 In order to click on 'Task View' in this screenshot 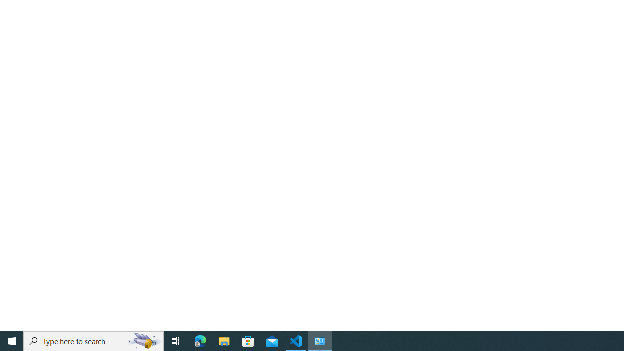, I will do `click(175, 340)`.